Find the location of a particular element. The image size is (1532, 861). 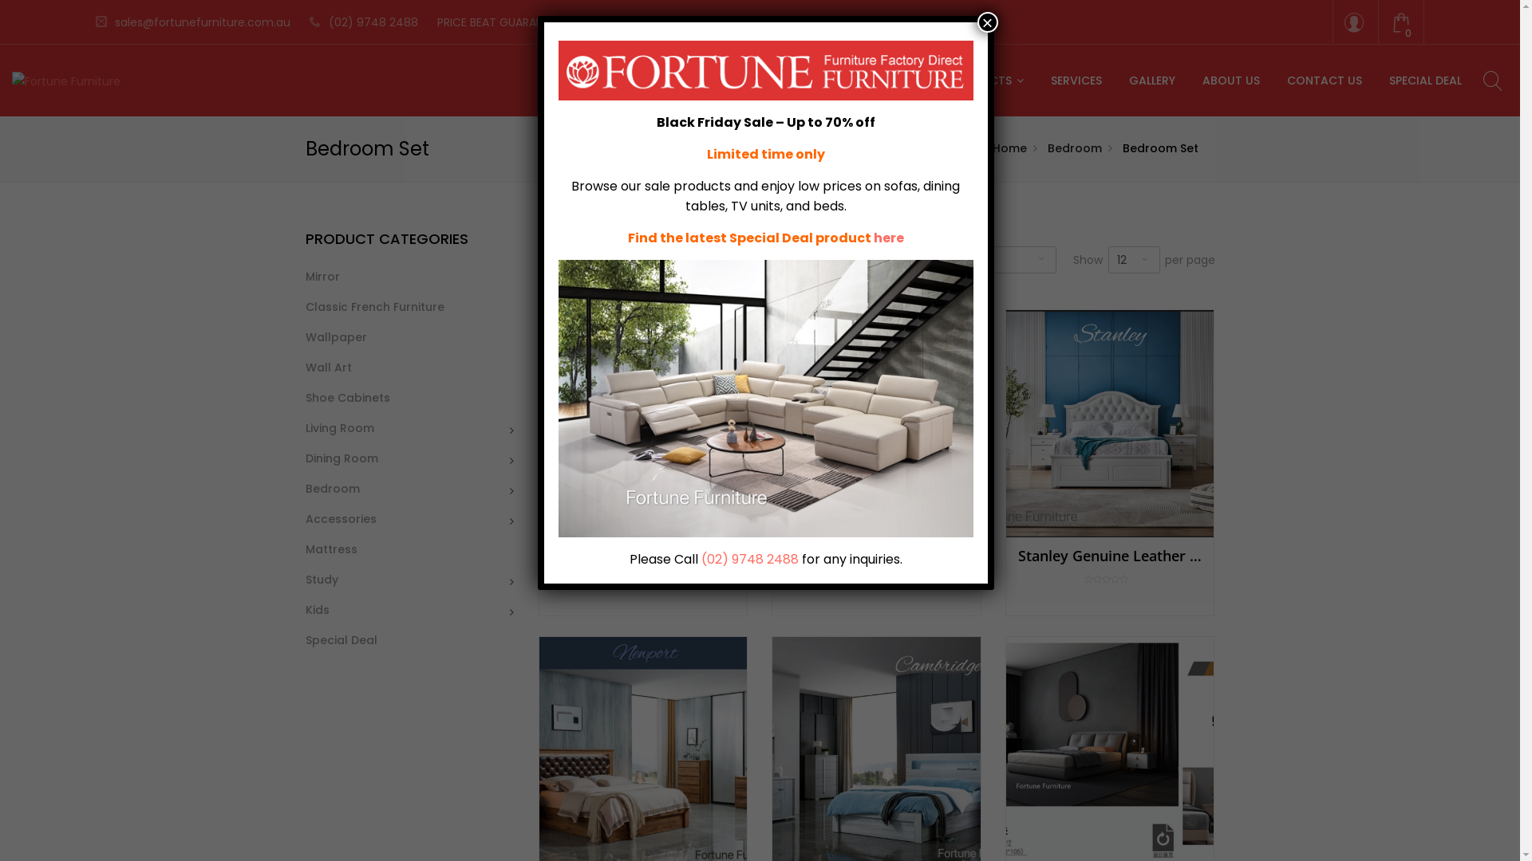

'Accessories' is located at coordinates (305, 517).